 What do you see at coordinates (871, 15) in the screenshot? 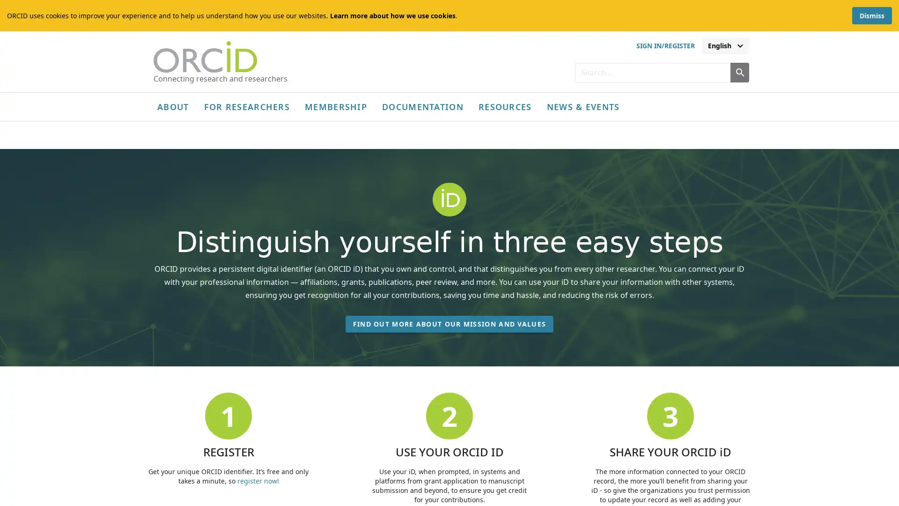
I see `Dismiss` at bounding box center [871, 15].